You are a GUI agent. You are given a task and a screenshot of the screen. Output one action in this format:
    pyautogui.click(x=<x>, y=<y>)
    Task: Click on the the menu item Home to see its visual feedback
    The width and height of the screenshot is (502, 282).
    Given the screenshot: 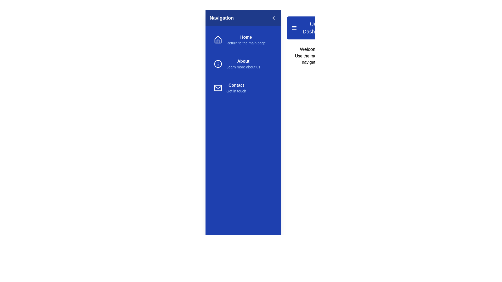 What is the action you would take?
    pyautogui.click(x=243, y=40)
    